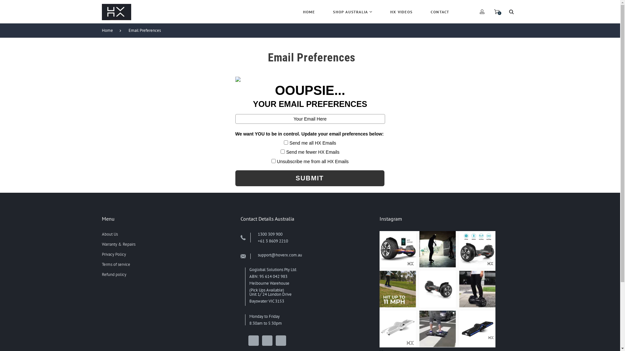  What do you see at coordinates (114, 274) in the screenshot?
I see `'Refund policy'` at bounding box center [114, 274].